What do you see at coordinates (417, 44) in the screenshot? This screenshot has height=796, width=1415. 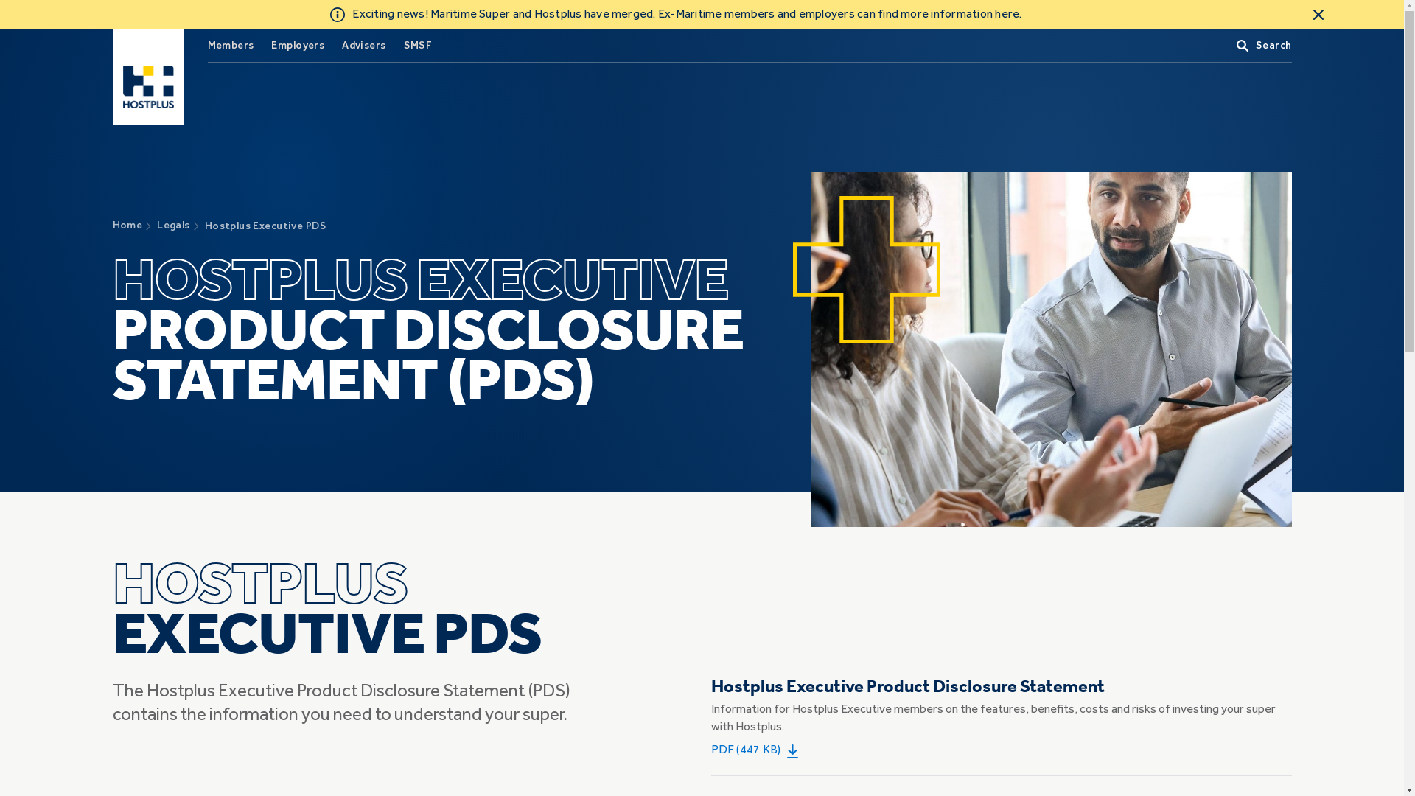 I see `'SMSF'` at bounding box center [417, 44].